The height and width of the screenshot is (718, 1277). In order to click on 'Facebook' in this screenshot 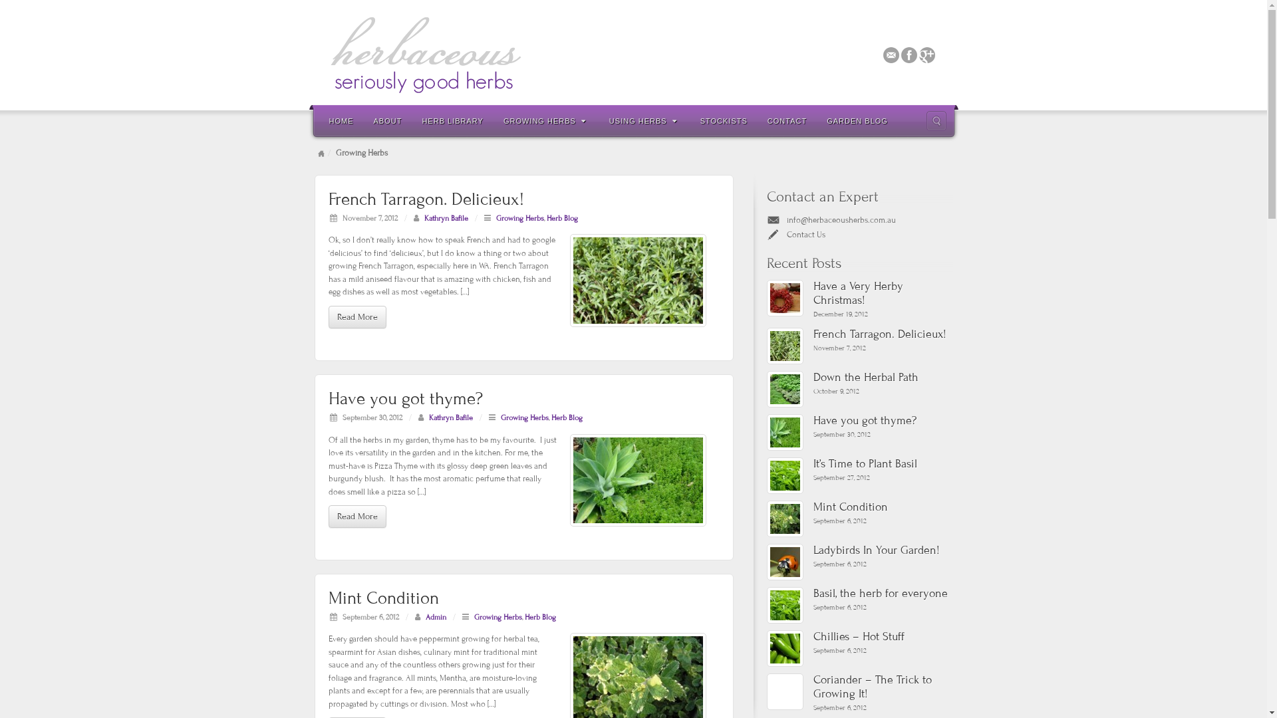, I will do `click(908, 53)`.